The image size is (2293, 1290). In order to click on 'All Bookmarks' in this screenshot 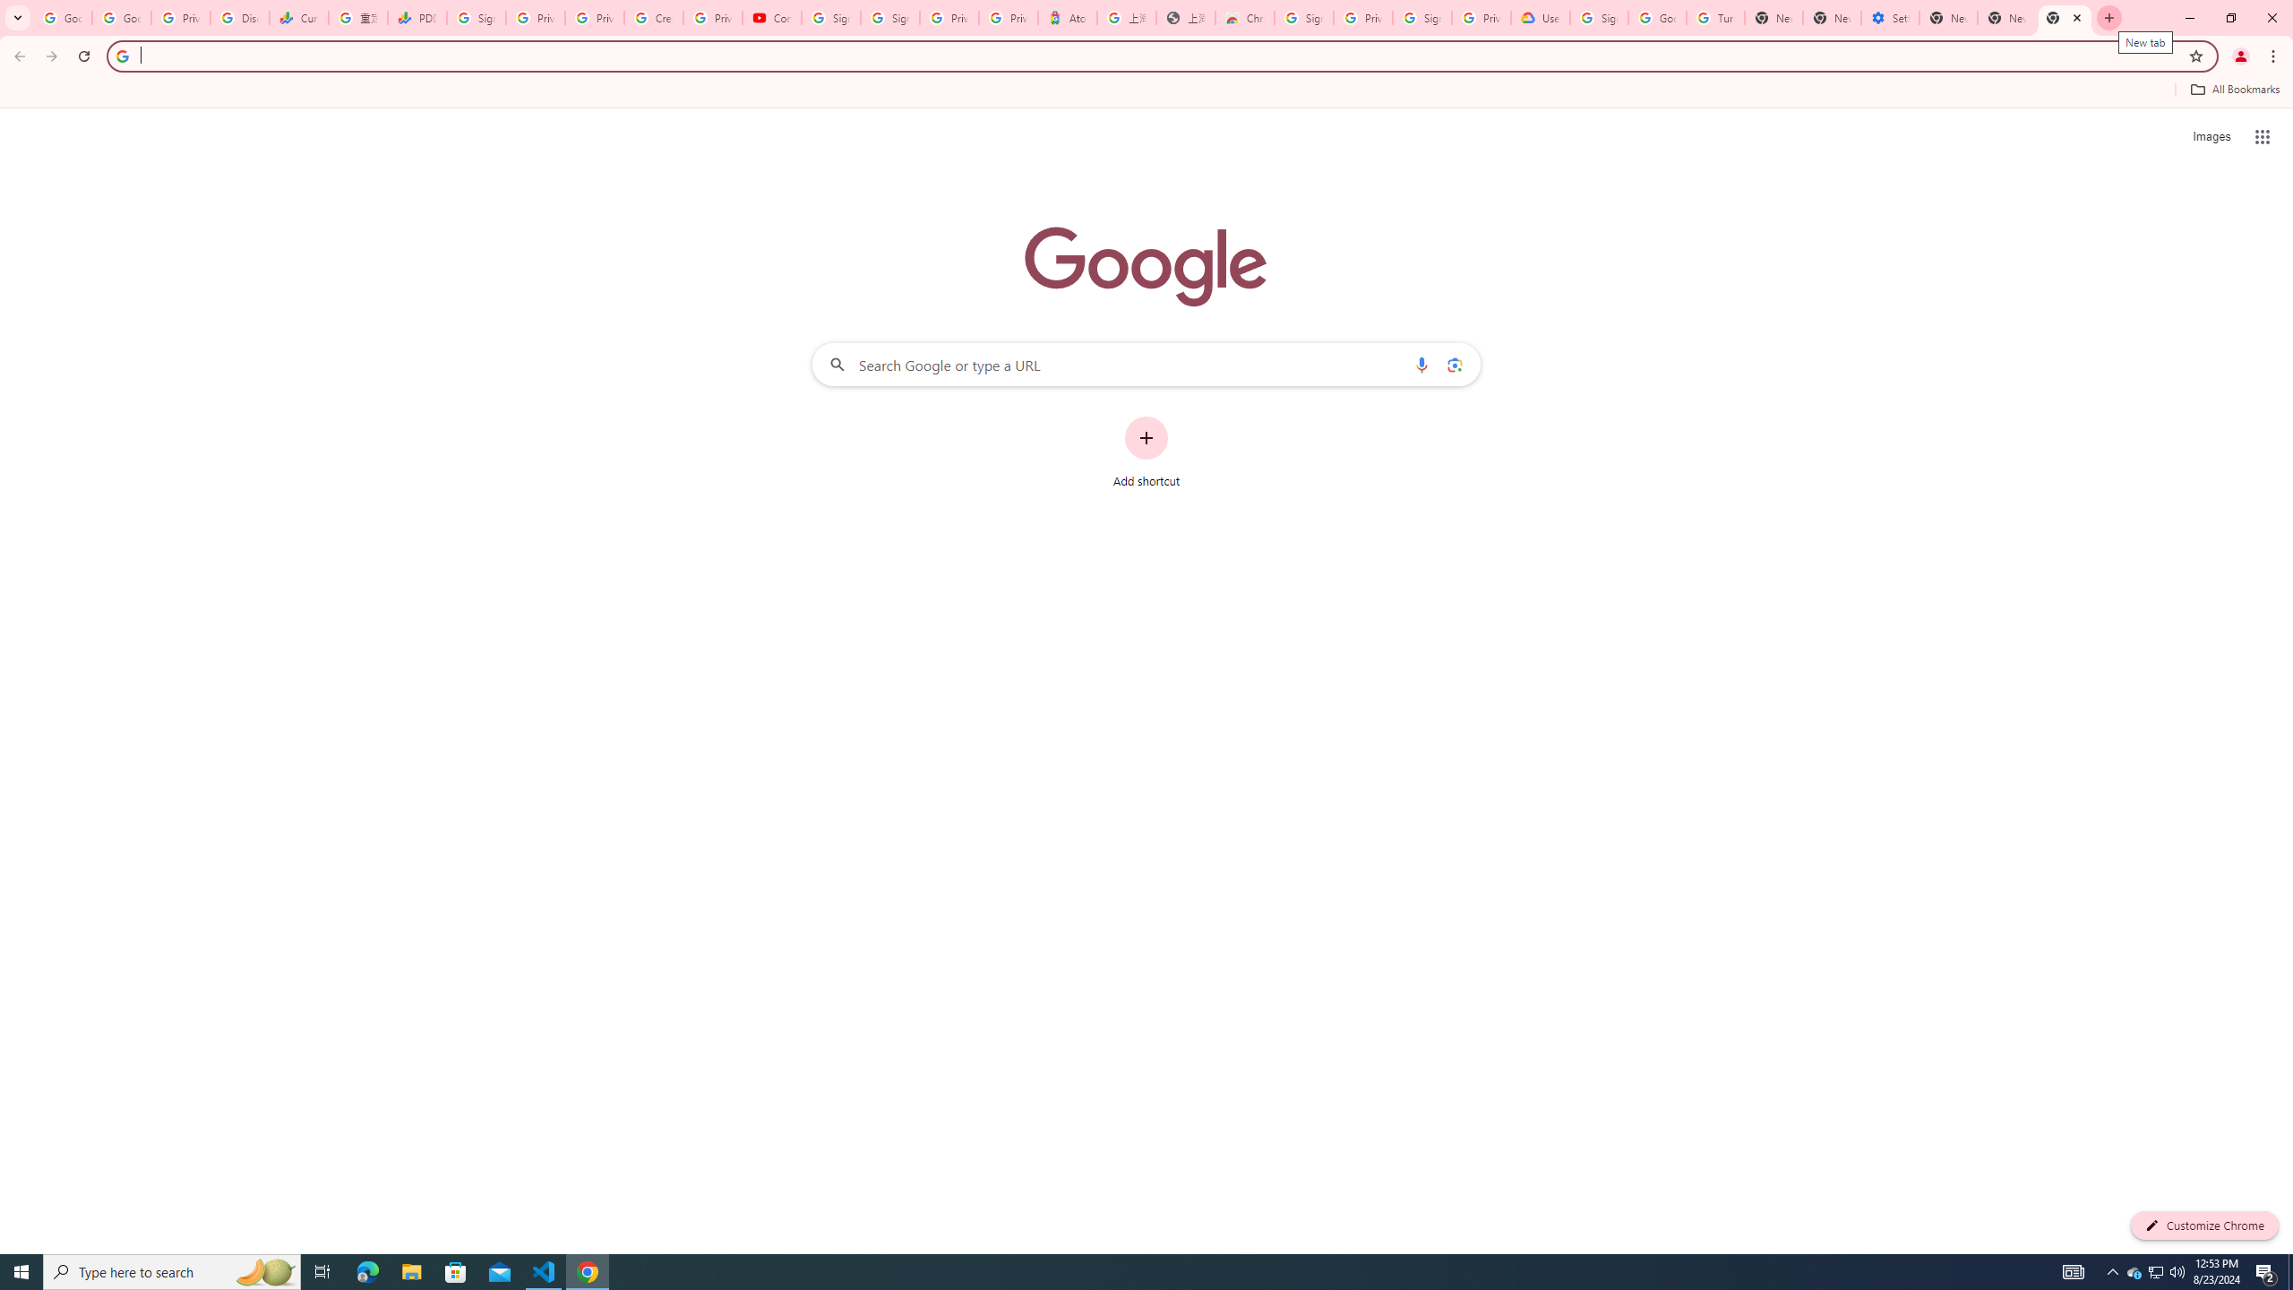, I will do `click(2234, 89)`.